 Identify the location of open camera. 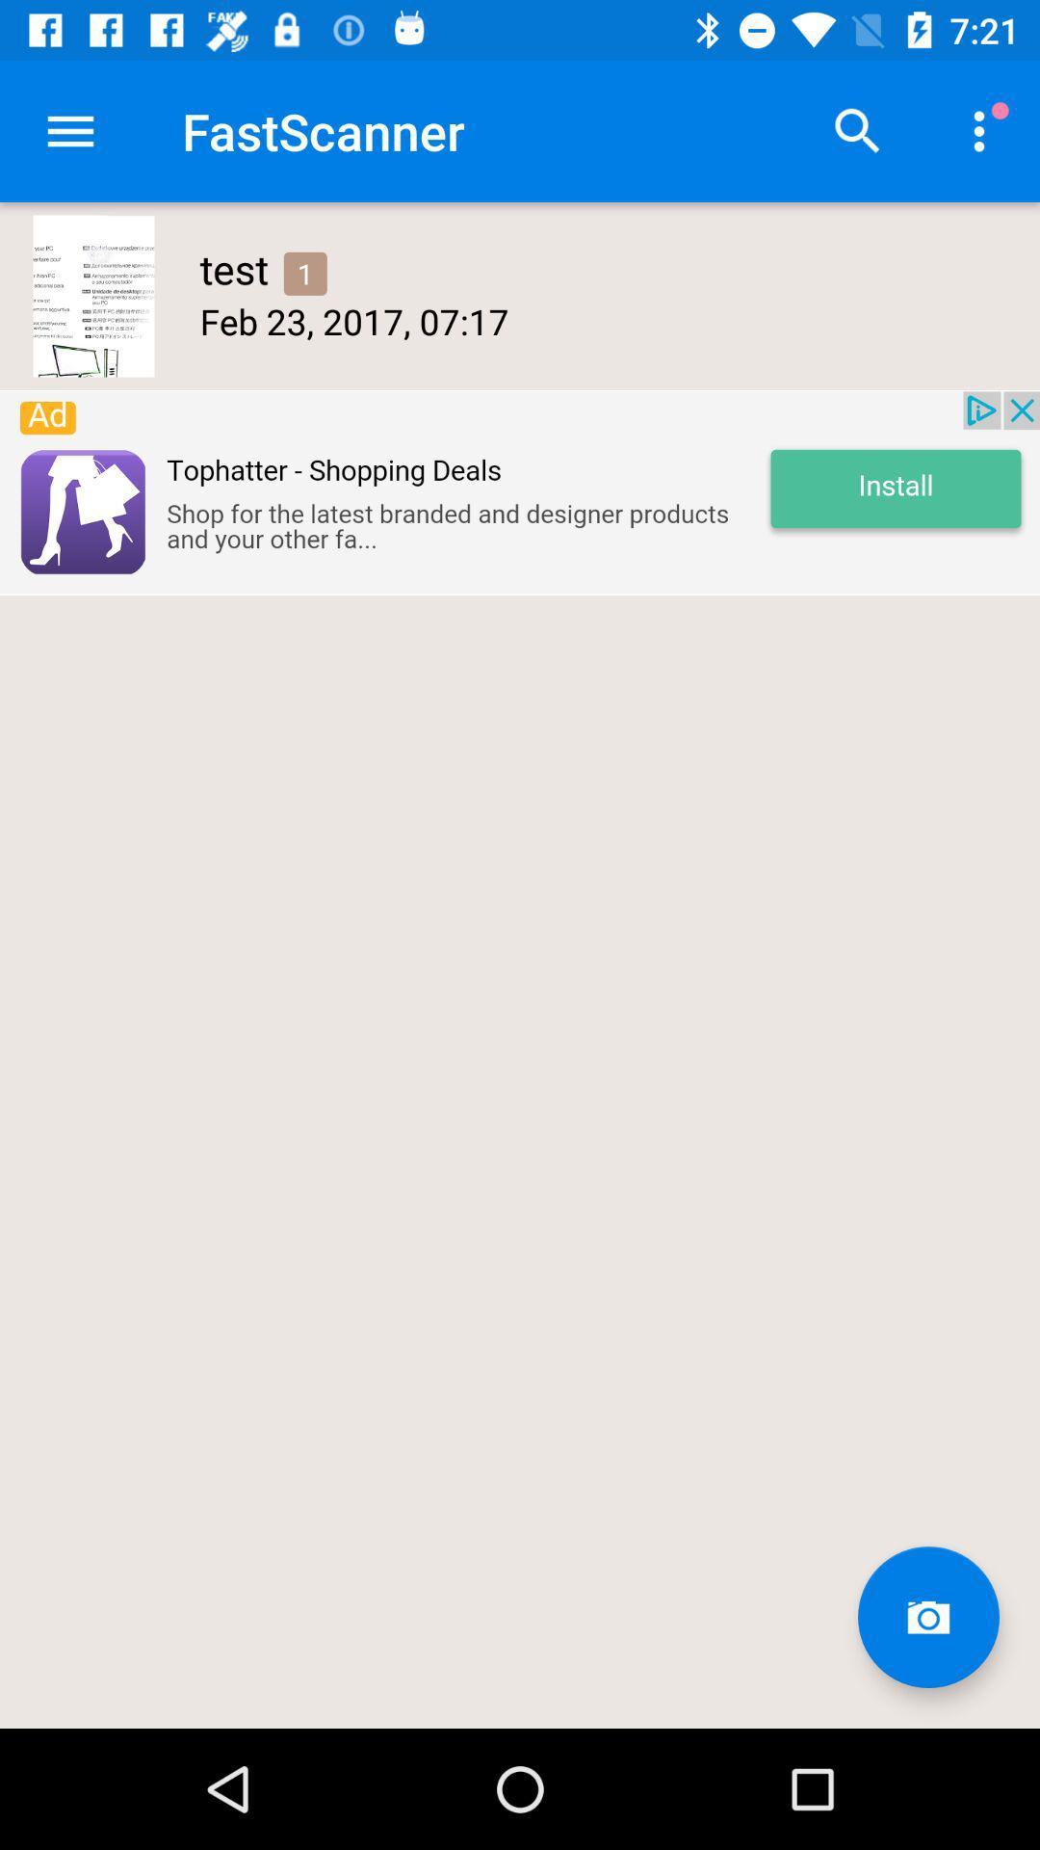
(927, 1617).